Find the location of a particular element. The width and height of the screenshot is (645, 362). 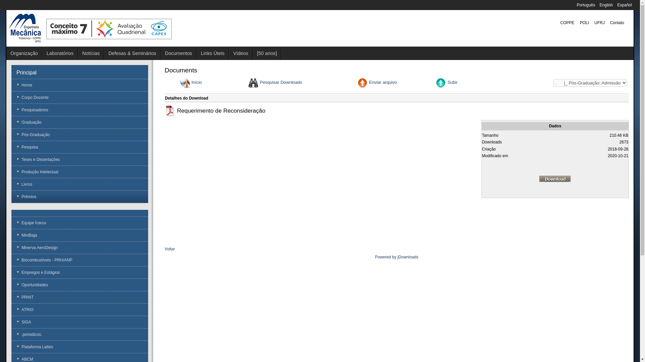

'Enviar arquivo' is located at coordinates (383, 82).